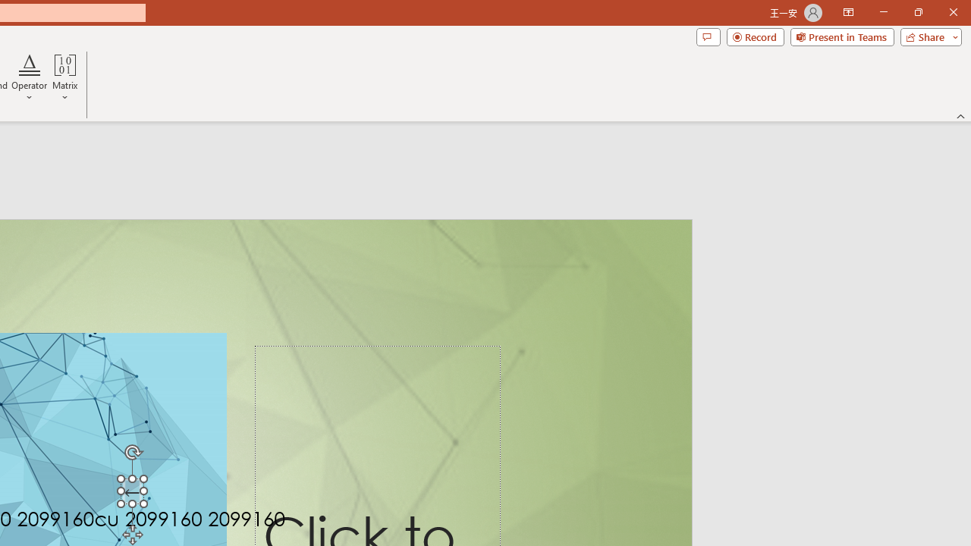 Image resolution: width=971 pixels, height=546 pixels. I want to click on 'Matrix', so click(64, 78).